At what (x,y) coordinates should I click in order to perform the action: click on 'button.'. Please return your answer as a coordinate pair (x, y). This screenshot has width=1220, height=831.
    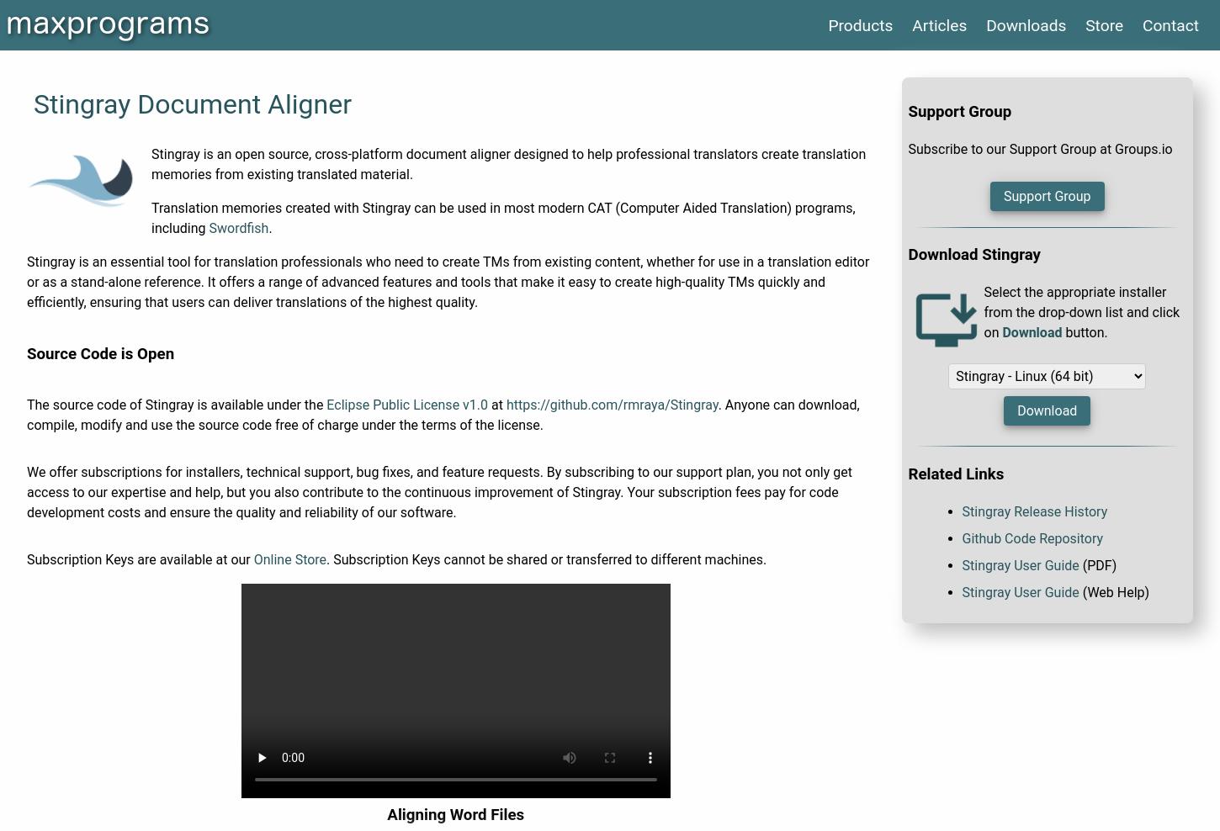
    Looking at the image, I should click on (1085, 331).